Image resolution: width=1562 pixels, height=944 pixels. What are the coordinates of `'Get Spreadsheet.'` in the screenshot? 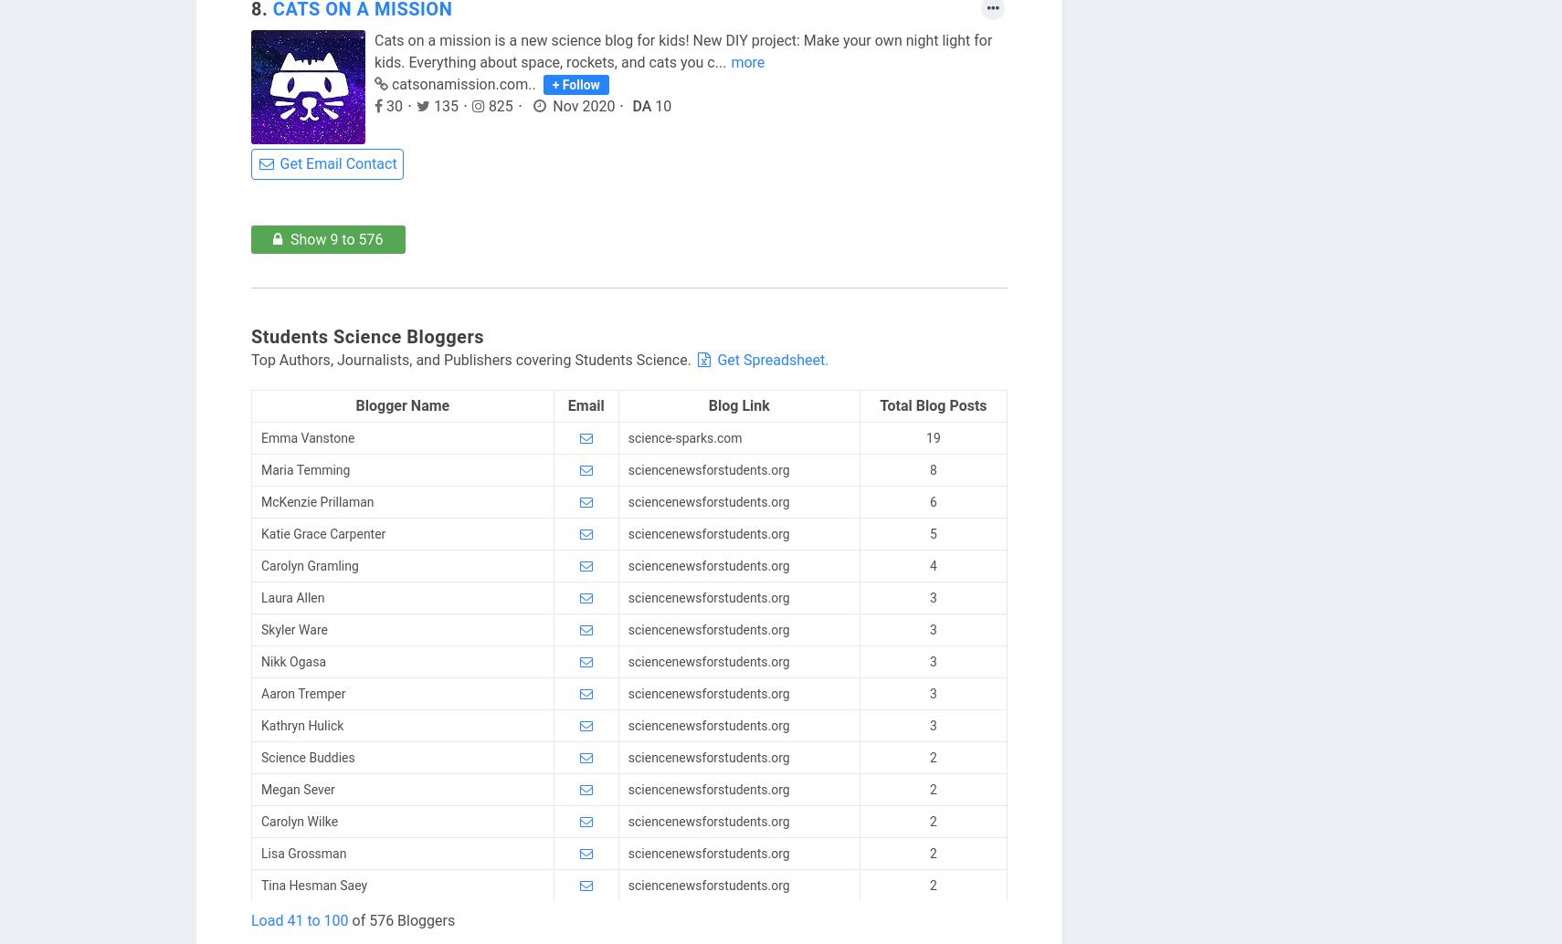 It's located at (712, 358).